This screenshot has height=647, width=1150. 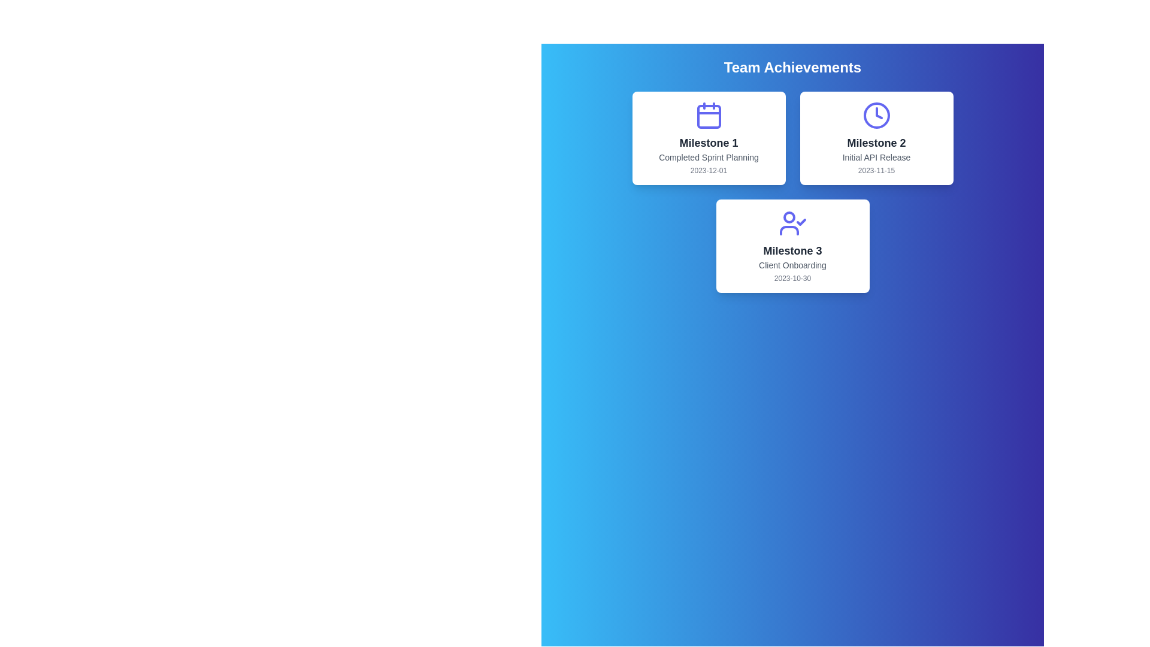 I want to click on the text label that displays 'Milestone 2', which is located in the second milestone card at the top-right of the milestone grid, so click(x=876, y=143).